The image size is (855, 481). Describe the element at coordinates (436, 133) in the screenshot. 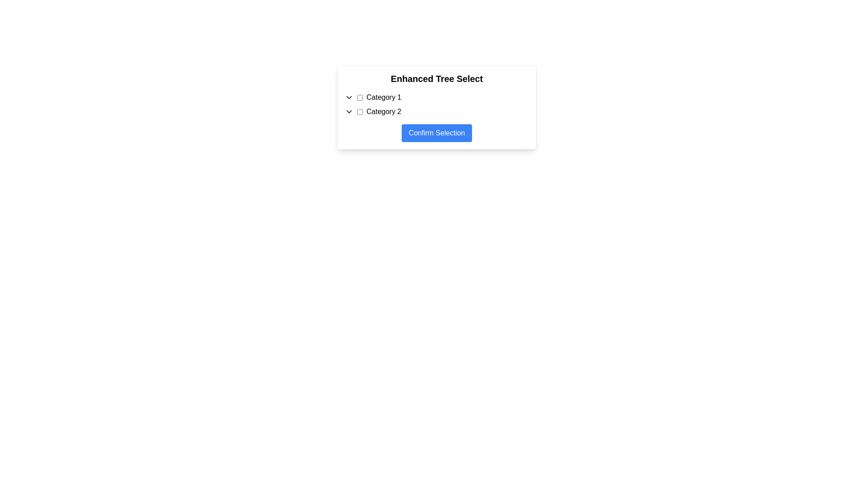

I see `the rectangular button with a blue background and white text labeled 'Confirm Selection' to observe the hover effect` at that location.